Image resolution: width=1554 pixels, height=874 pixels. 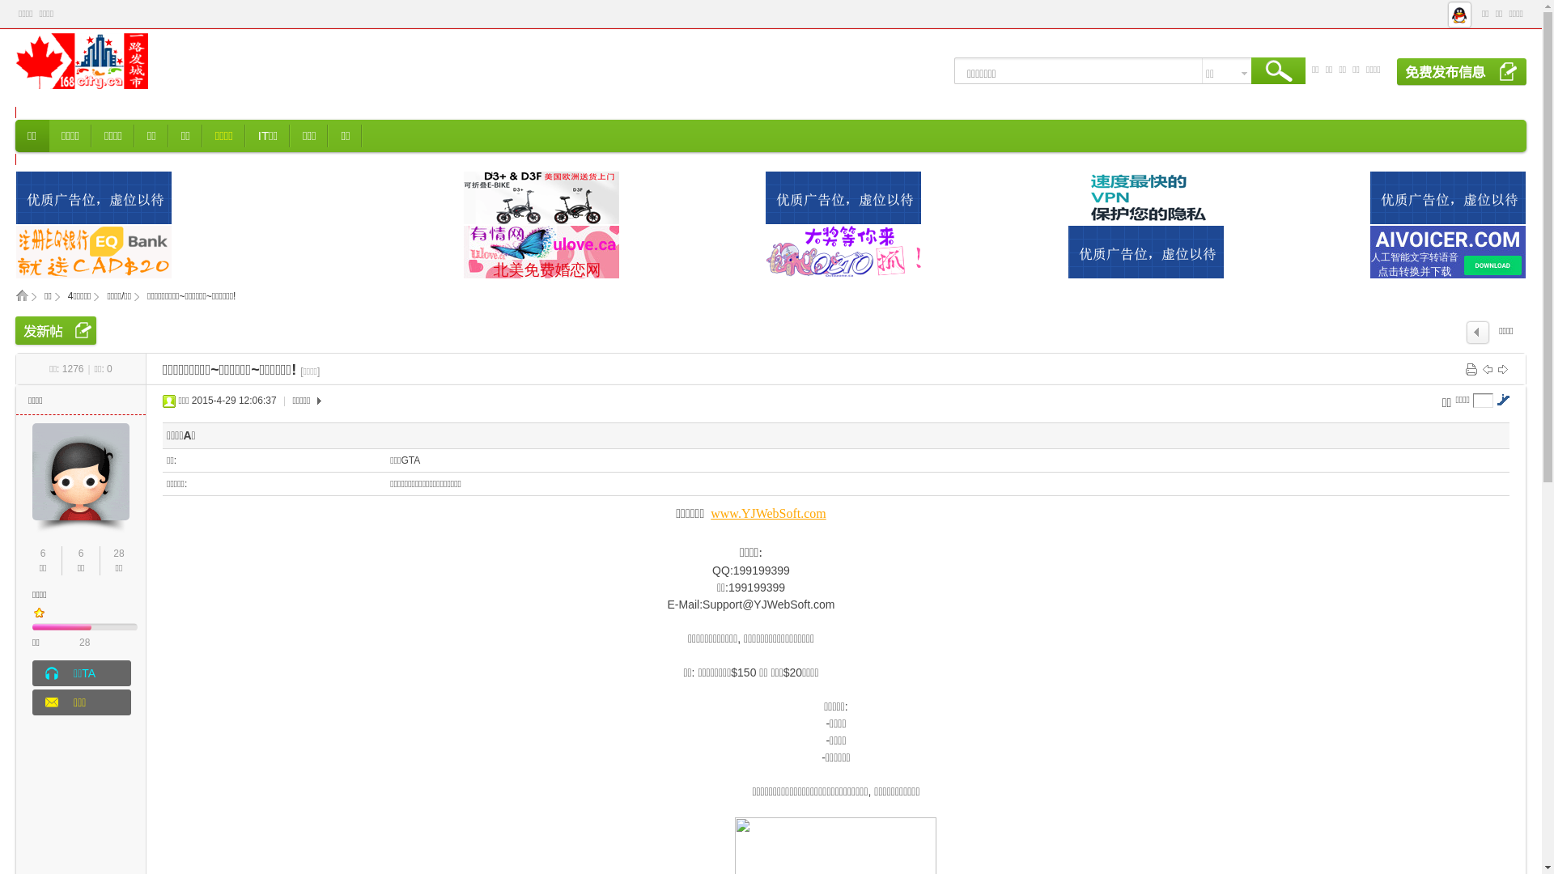 I want to click on 'true', so click(x=1277, y=74).